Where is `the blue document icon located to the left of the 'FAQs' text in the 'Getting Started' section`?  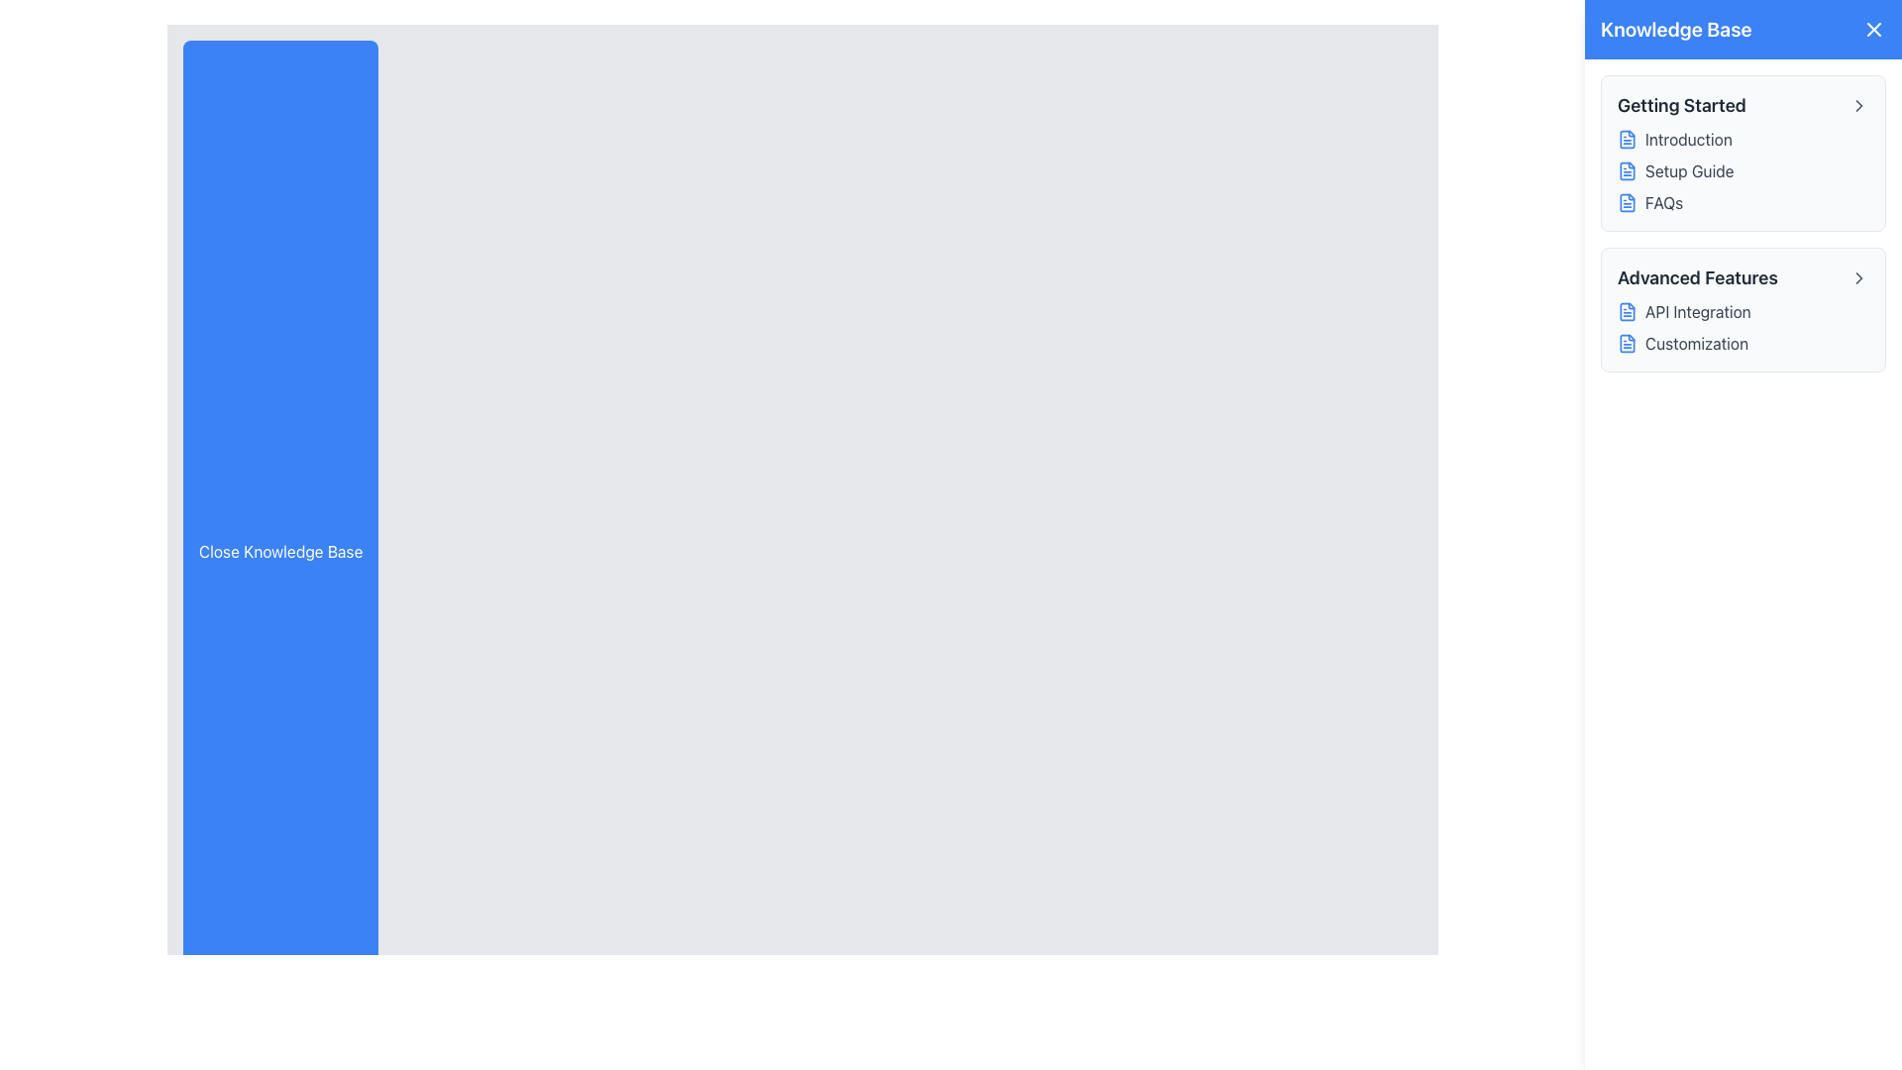
the blue document icon located to the left of the 'FAQs' text in the 'Getting Started' section is located at coordinates (1627, 202).